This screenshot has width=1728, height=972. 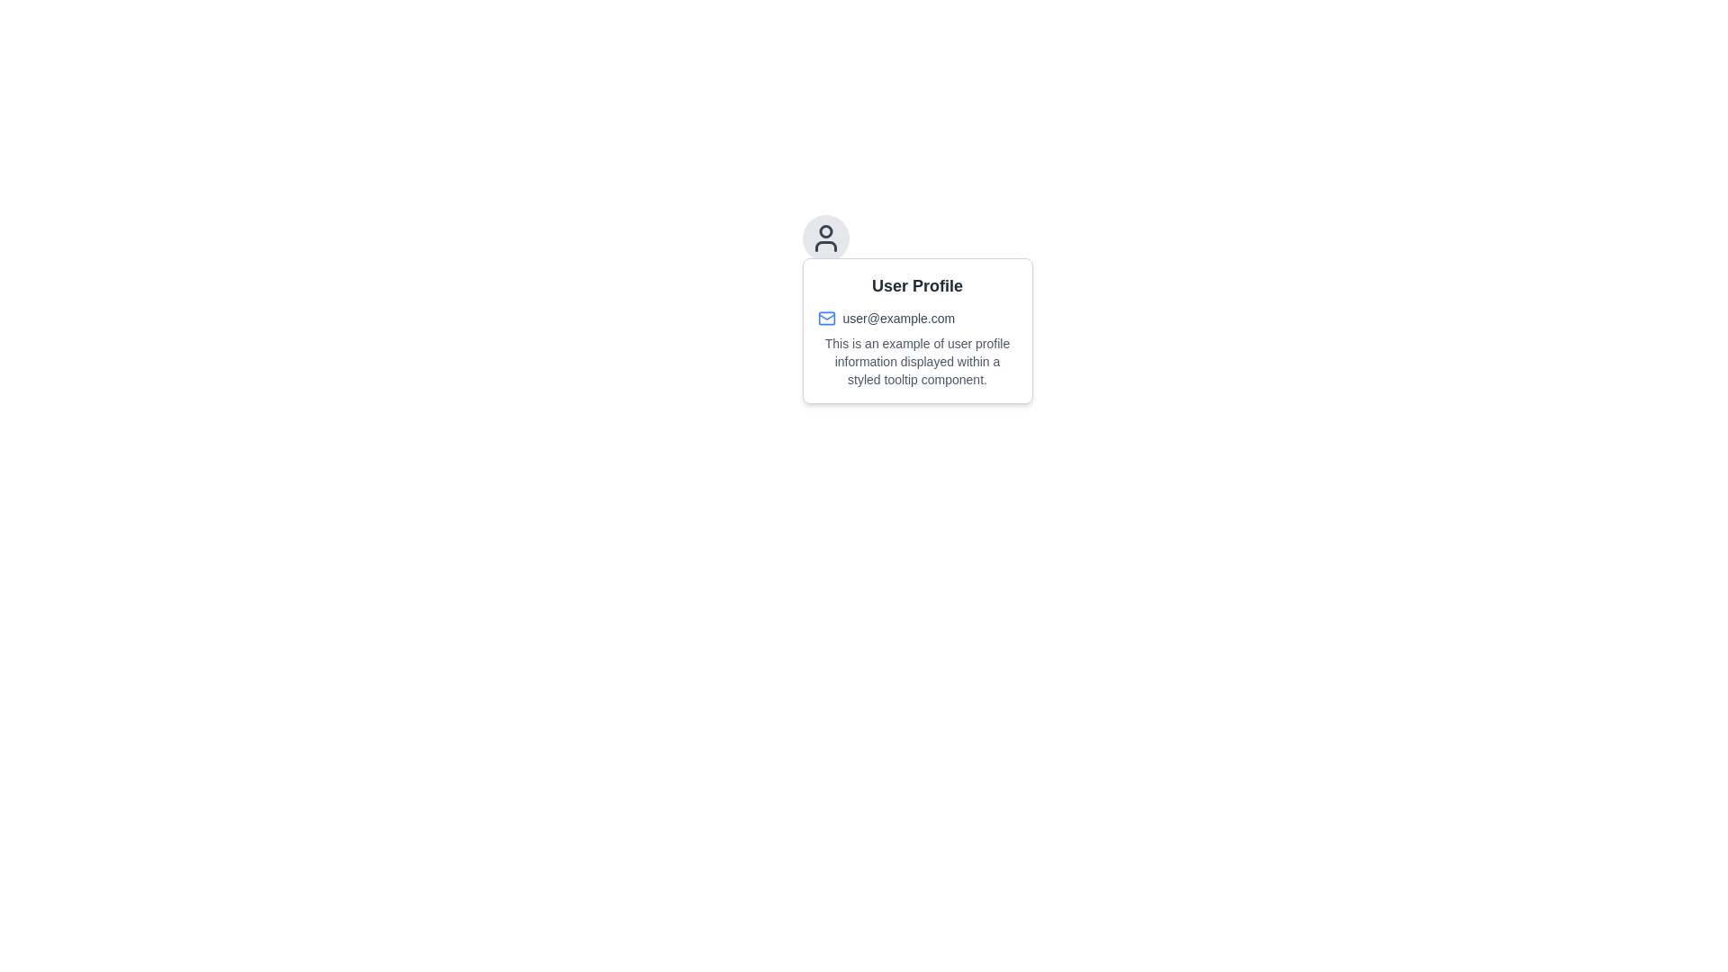 What do you see at coordinates (898, 318) in the screenshot?
I see `the email address text label displayed in the user profile tooltip box, located to the right of the envelope icon` at bounding box center [898, 318].